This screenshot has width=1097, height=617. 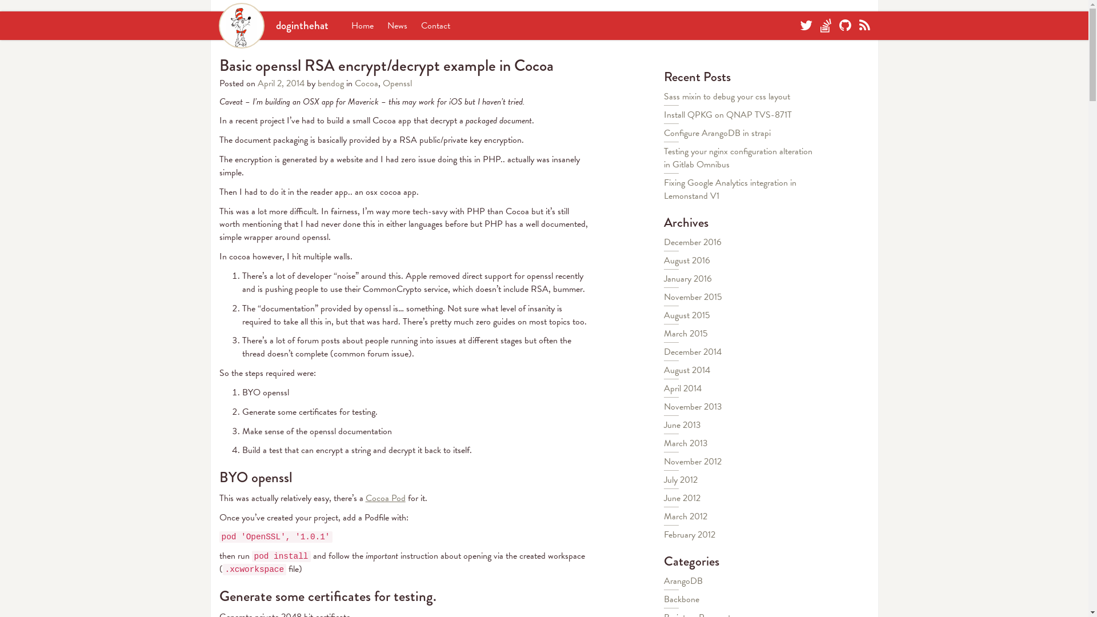 I want to click on 'March 2012', so click(x=686, y=516).